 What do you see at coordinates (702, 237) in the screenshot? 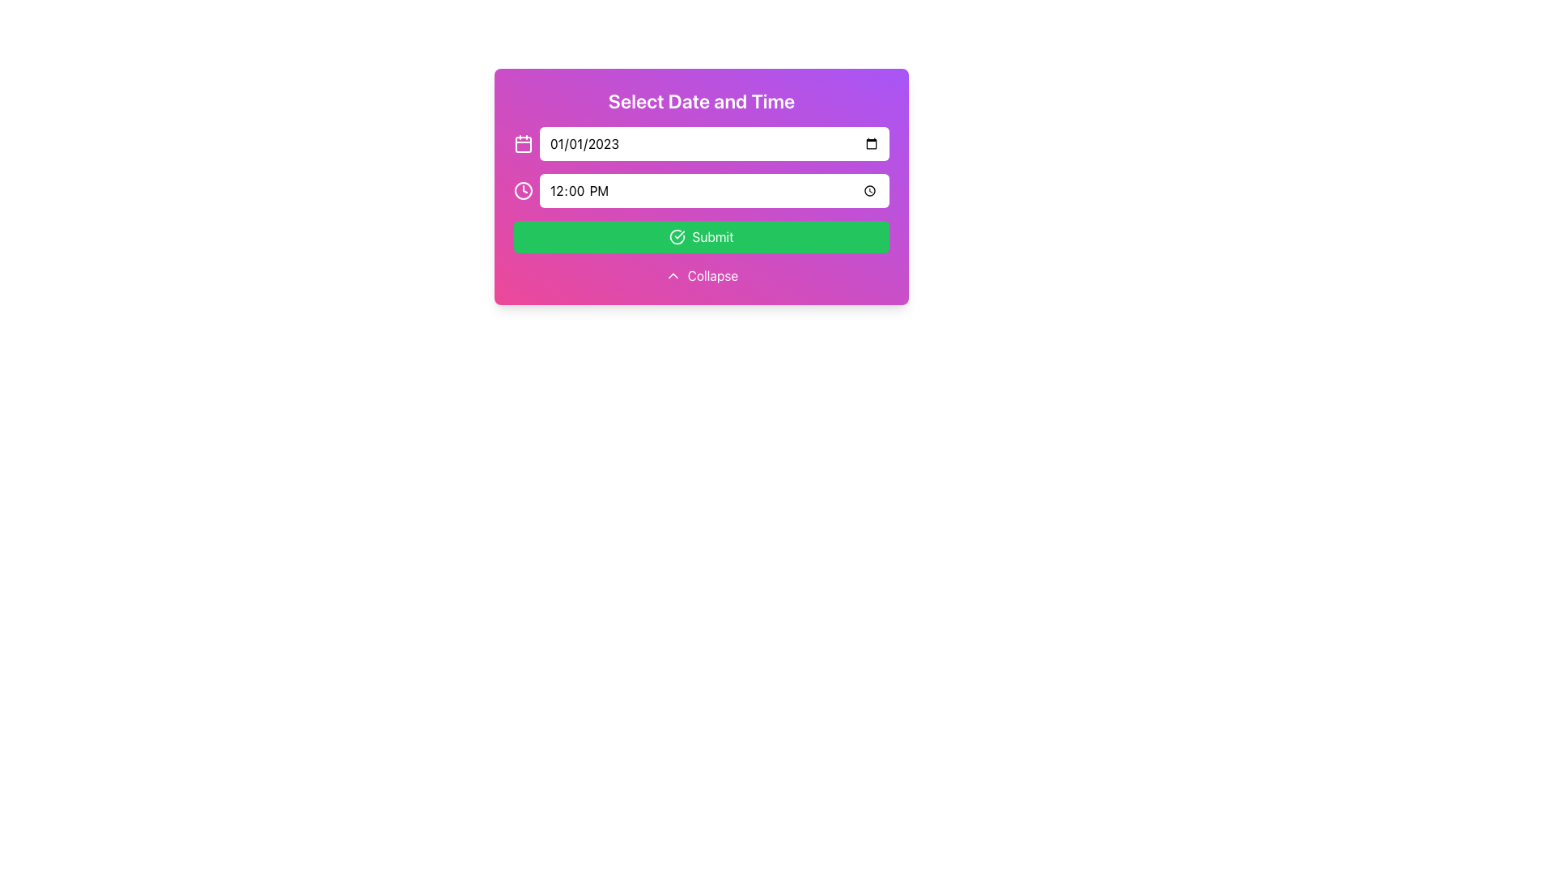
I see `the submission button located below the date and time input fields to observe the hover effects` at bounding box center [702, 237].